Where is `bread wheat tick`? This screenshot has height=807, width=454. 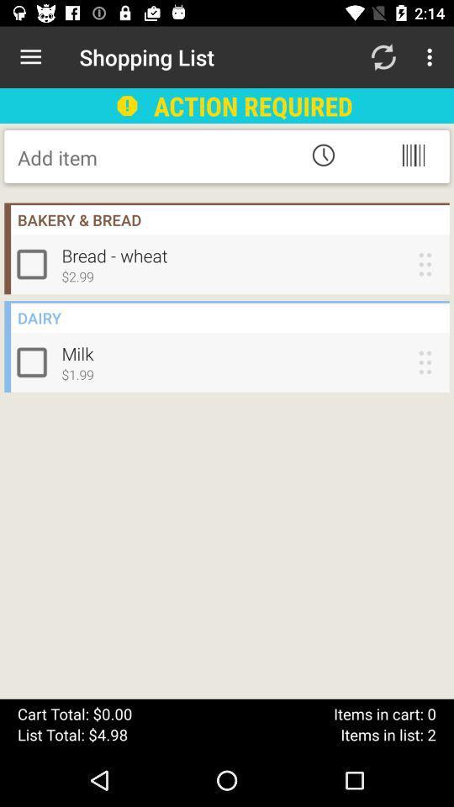 bread wheat tick is located at coordinates (35, 264).